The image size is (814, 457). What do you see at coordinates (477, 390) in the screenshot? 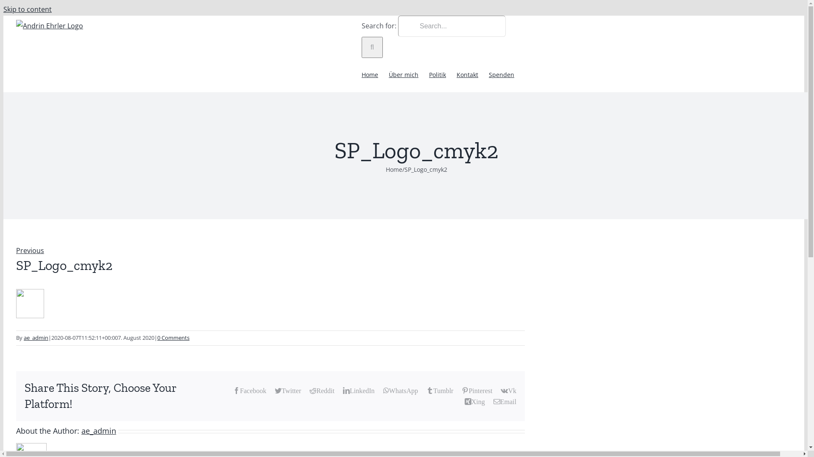
I see `'Pinterest'` at bounding box center [477, 390].